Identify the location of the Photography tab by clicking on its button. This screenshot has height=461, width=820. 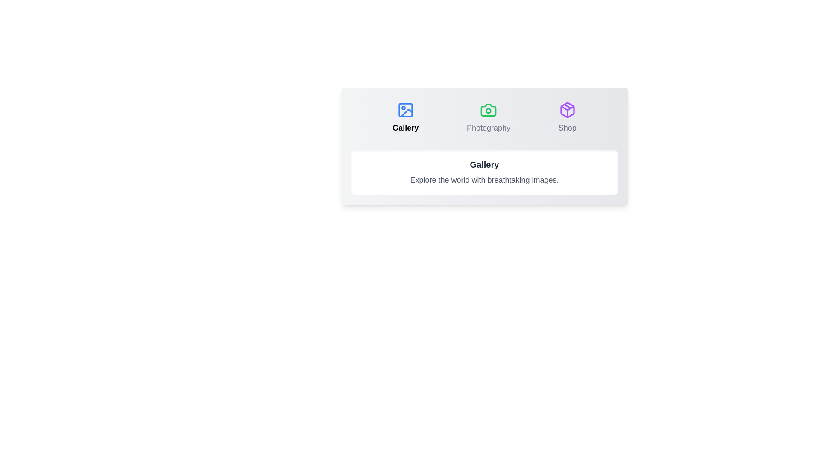
(488, 118).